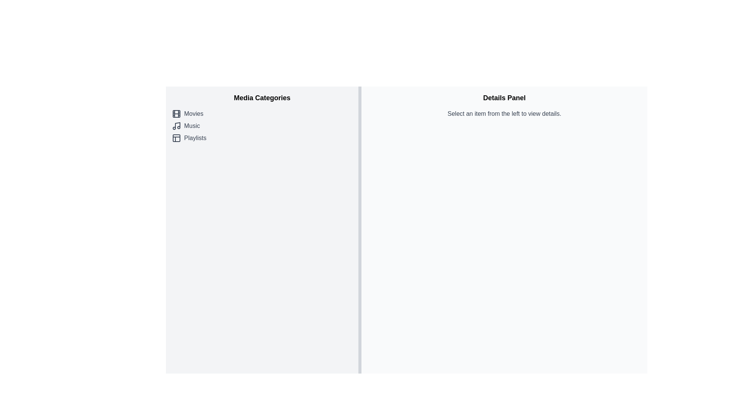  Describe the element at coordinates (262, 138) in the screenshot. I see `the 'Playlists' button-like textual representation in the media categories list` at that location.